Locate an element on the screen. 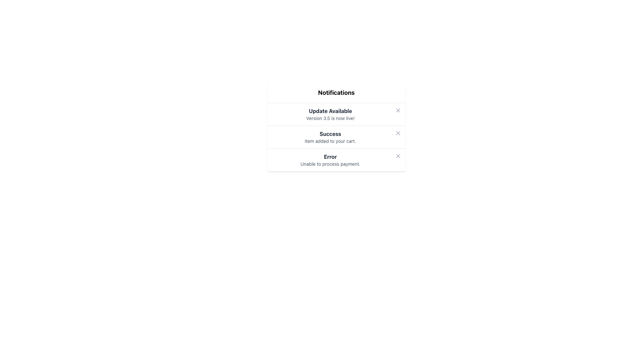  the text label stating 'Version 3.5 is now live!', which is styled in light gray and positioned beneath 'Update Available' is located at coordinates (330, 118).